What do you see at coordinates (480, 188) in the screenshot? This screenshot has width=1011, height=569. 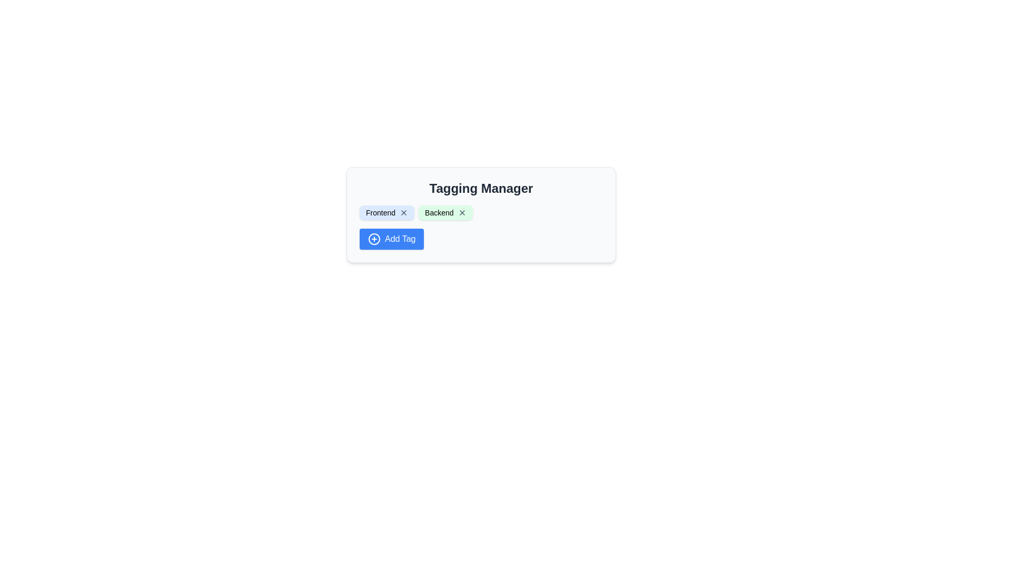 I see `the Text label indicating 'Tagging Manager', which serves as a title for the tagging functionality in the UI` at bounding box center [480, 188].